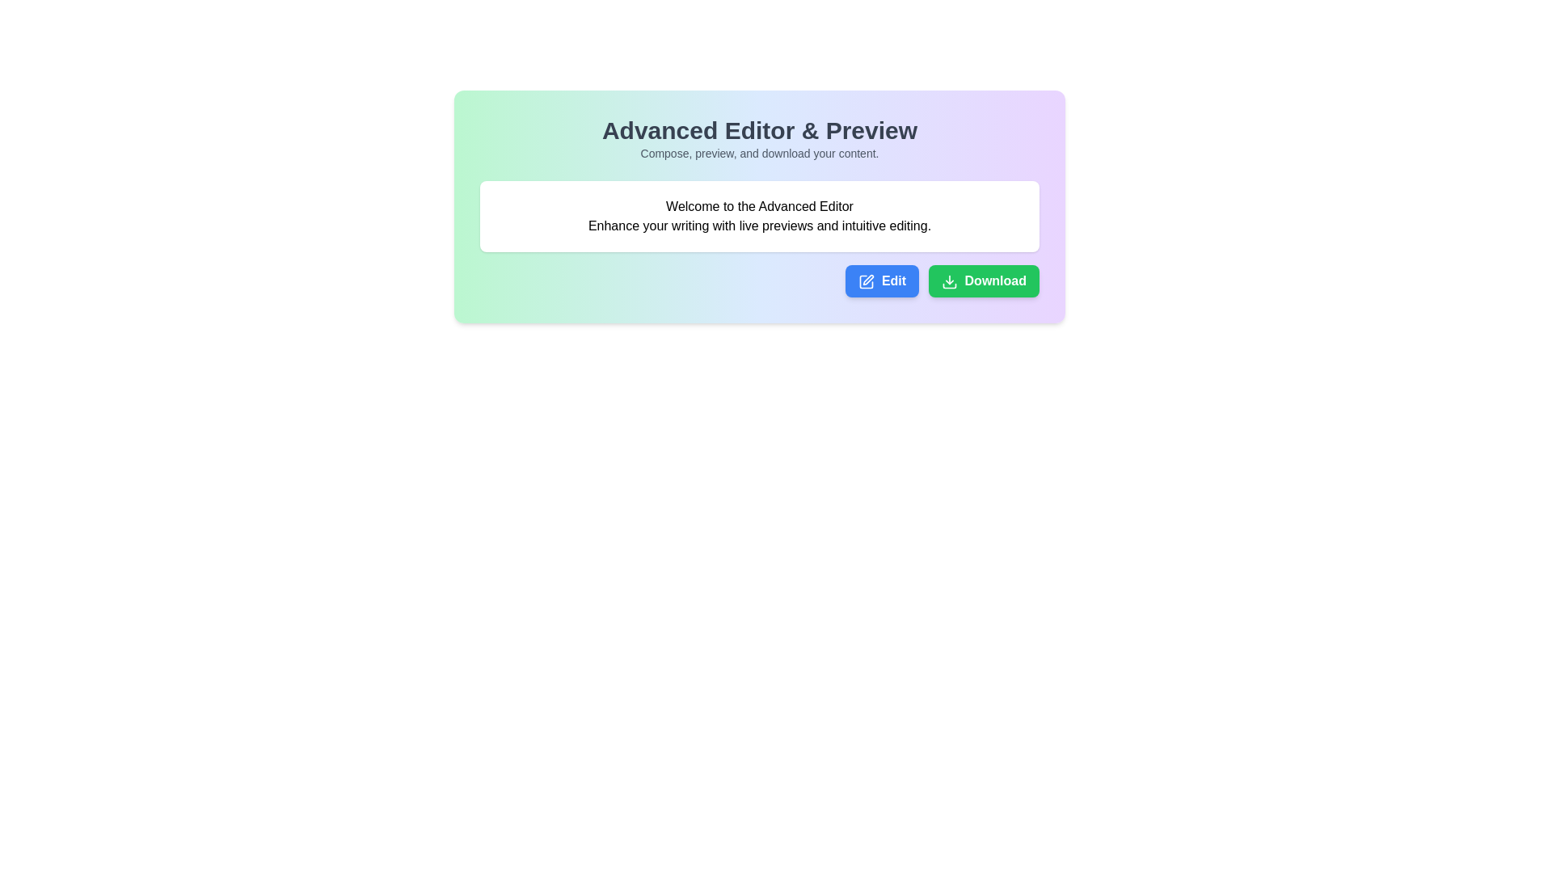 The height and width of the screenshot is (873, 1552). Describe the element at coordinates (759, 215) in the screenshot. I see `the Text Display element that provides introductory information about the Advanced Editor, located centrally below the title 'Advanced Editor & Preview'` at that location.